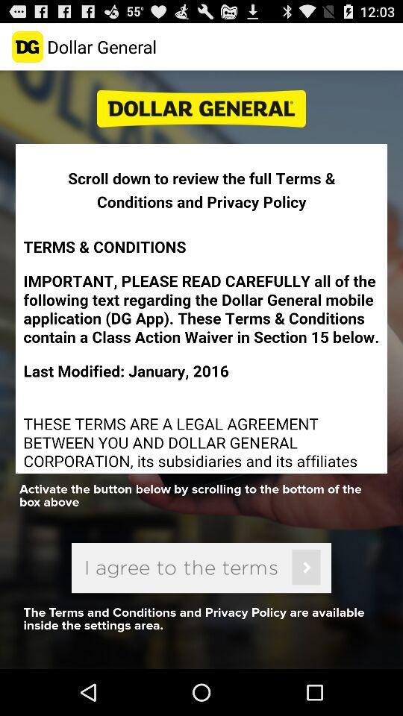  Describe the element at coordinates (201, 567) in the screenshot. I see `term agreement tab` at that location.